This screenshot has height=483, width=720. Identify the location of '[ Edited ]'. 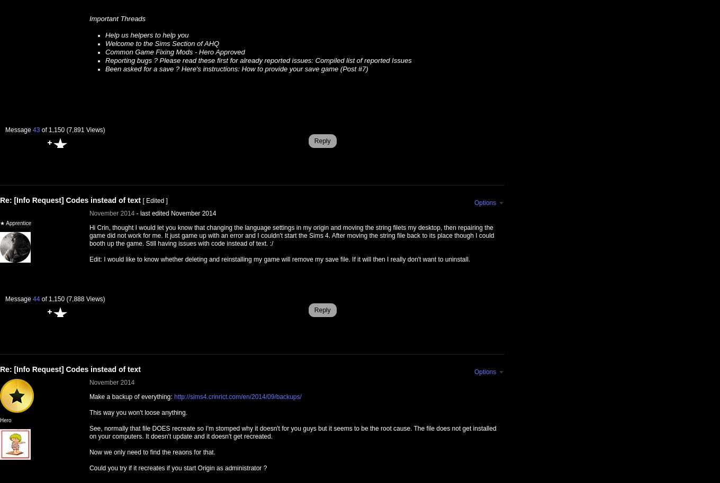
(142, 201).